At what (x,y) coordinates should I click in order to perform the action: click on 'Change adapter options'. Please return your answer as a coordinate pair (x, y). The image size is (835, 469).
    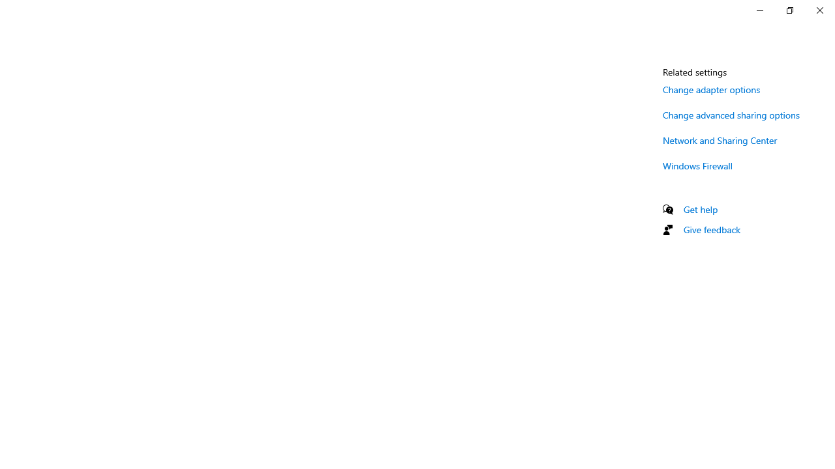
    Looking at the image, I should click on (711, 89).